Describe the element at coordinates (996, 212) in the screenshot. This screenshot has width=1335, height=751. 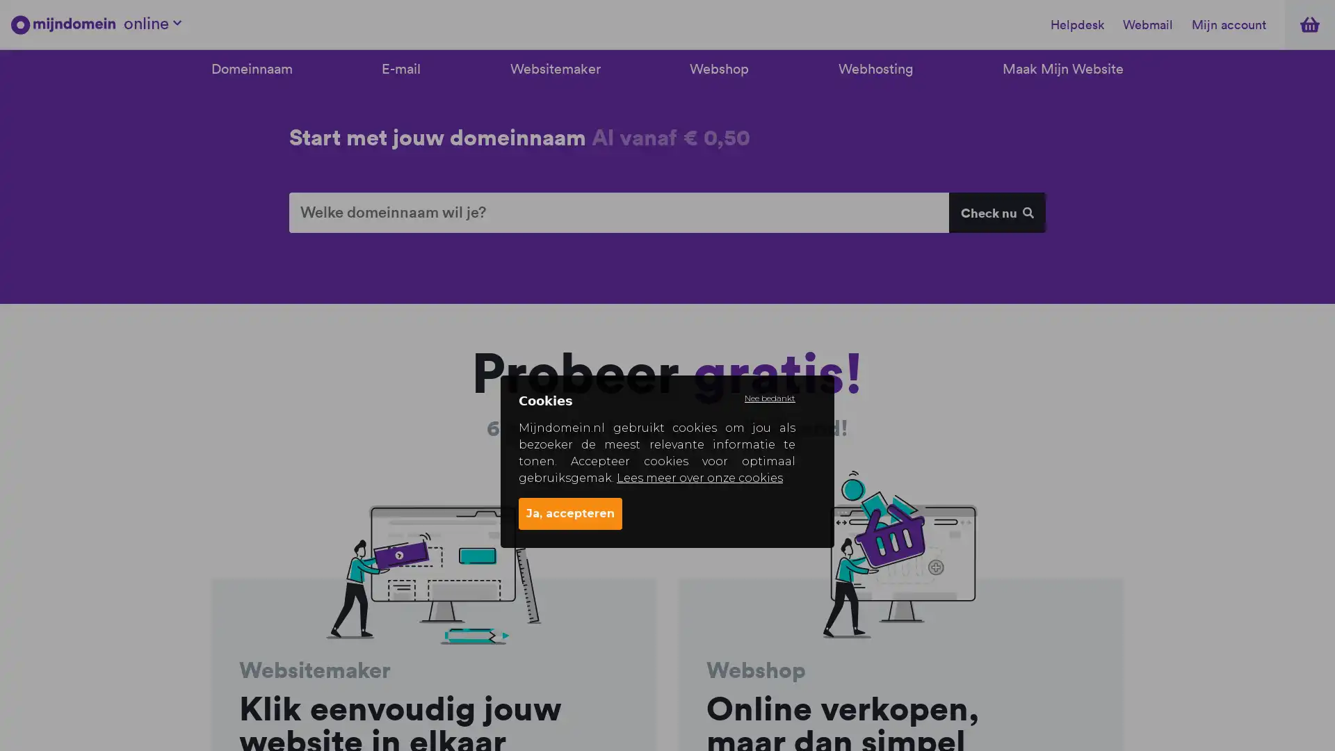
I see `Check nu` at that location.